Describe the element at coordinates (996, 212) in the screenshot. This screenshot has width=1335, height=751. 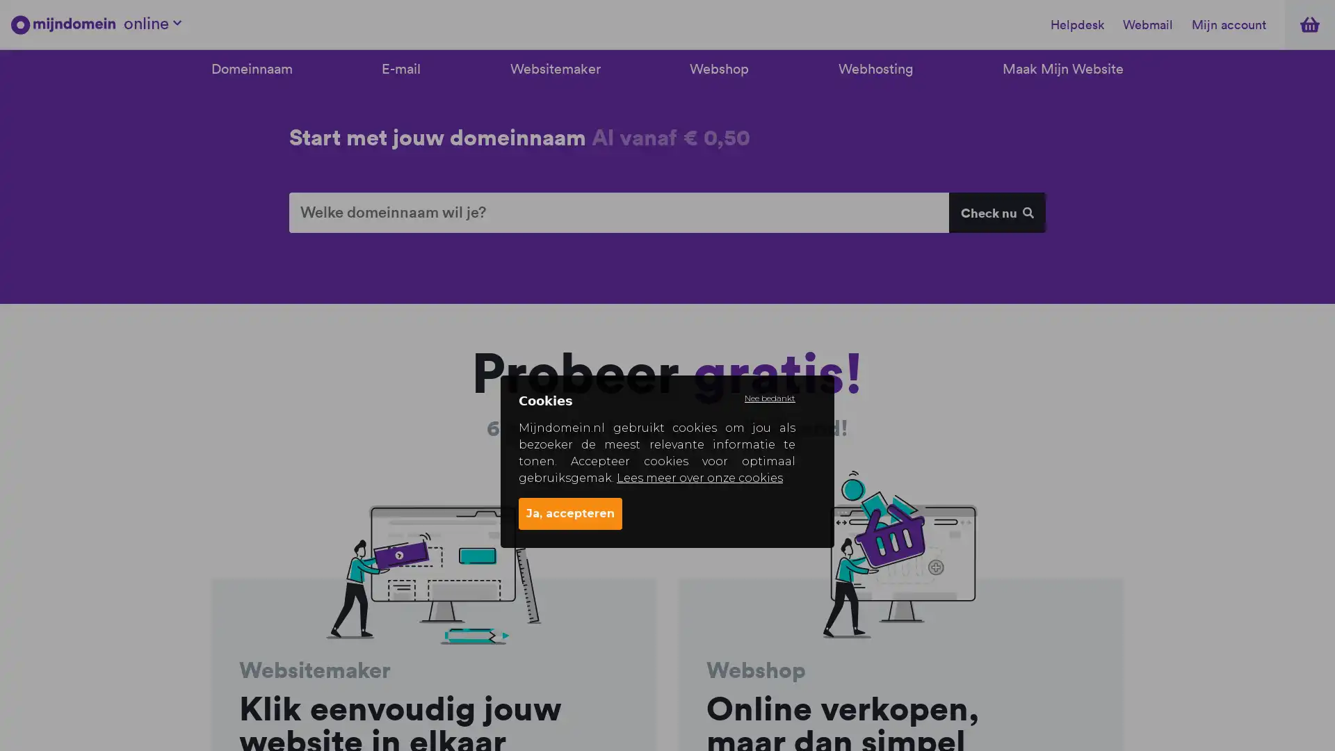
I see `Check nu` at that location.